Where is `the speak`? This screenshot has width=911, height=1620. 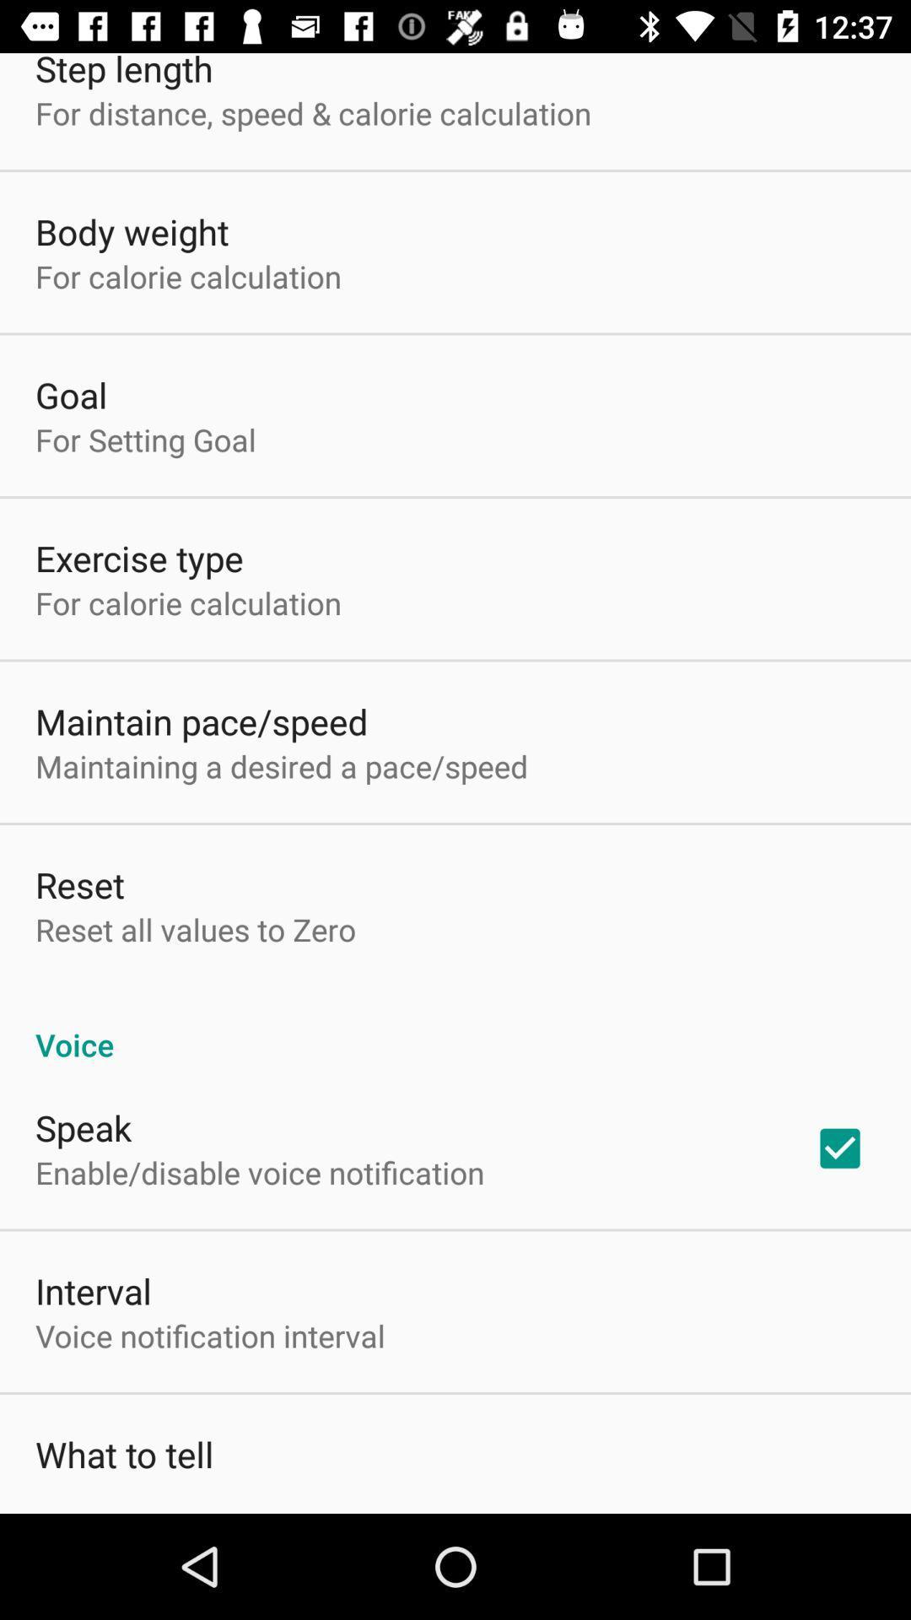
the speak is located at coordinates (84, 1127).